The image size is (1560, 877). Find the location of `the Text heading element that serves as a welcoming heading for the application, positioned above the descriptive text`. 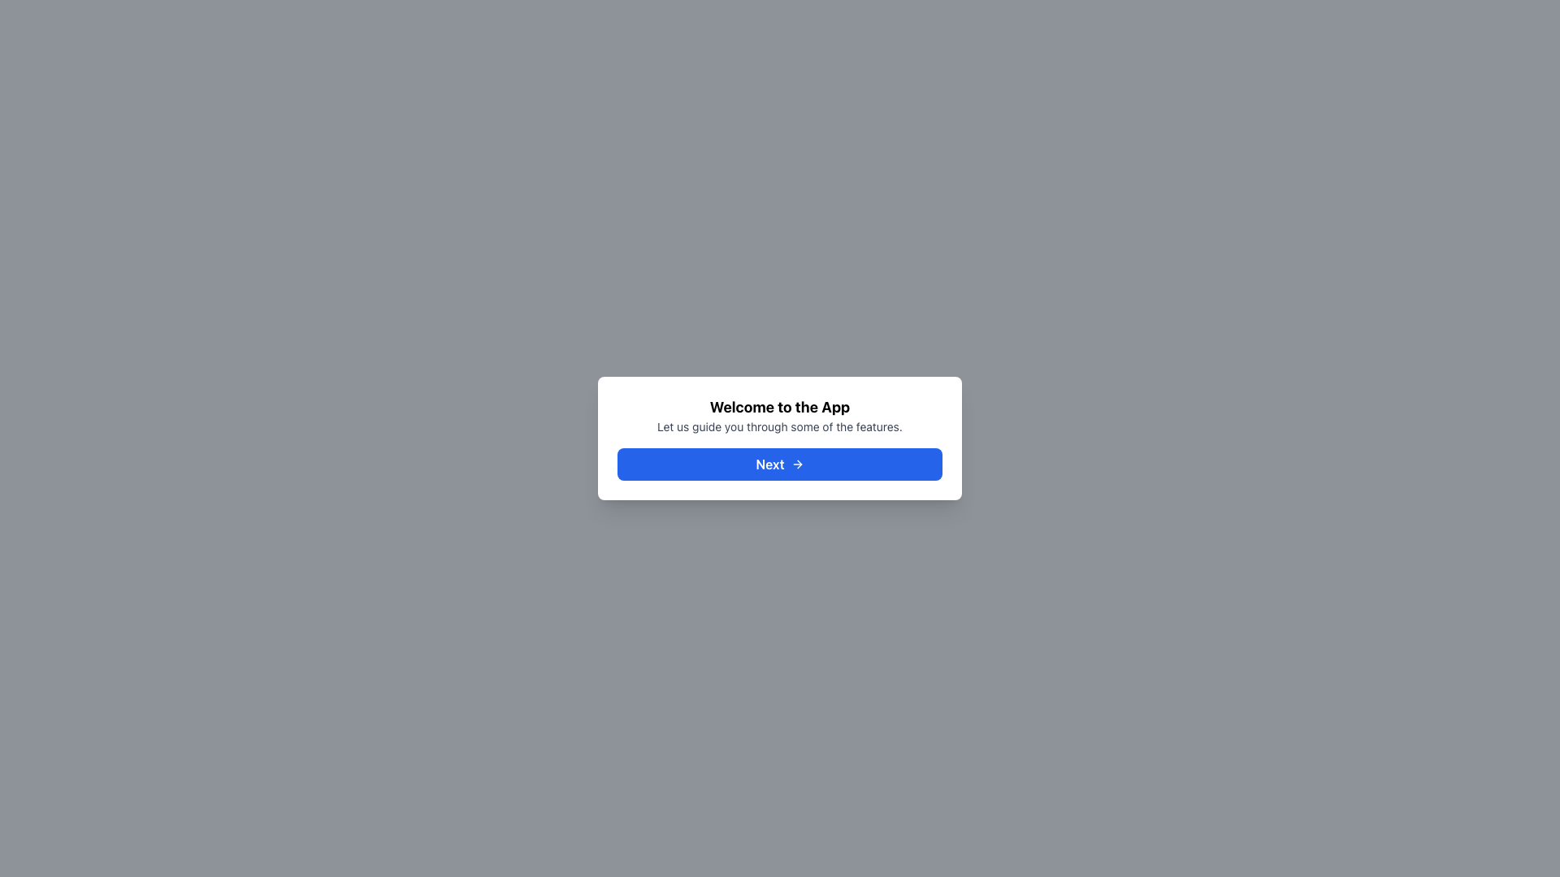

the Text heading element that serves as a welcoming heading for the application, positioned above the descriptive text is located at coordinates (780, 406).